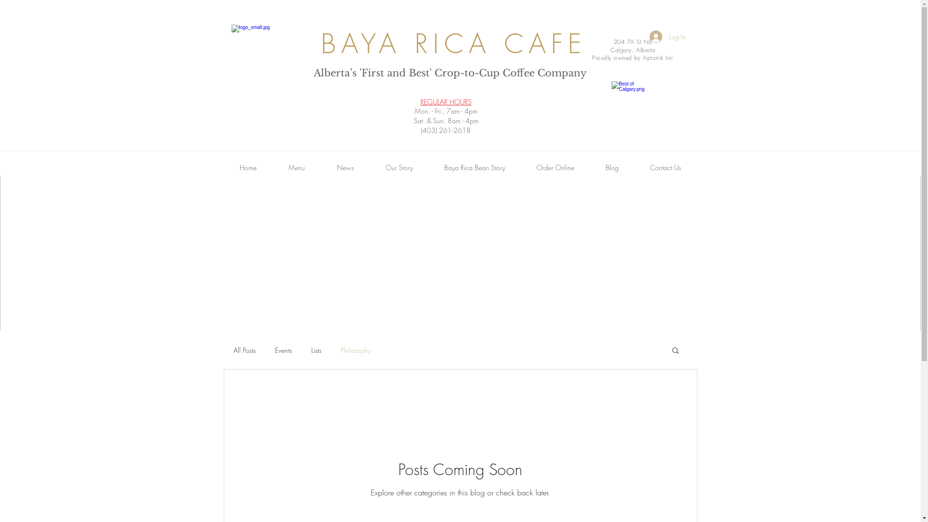 The image size is (928, 522). What do you see at coordinates (311, 350) in the screenshot?
I see `'Lists'` at bounding box center [311, 350].